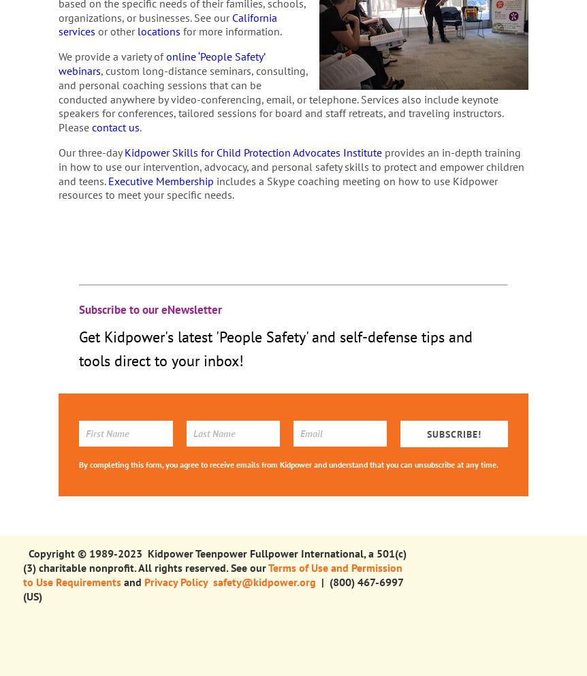  Describe the element at coordinates (212, 574) in the screenshot. I see `'Terms of Use and Permission to Use Requirements'` at that location.